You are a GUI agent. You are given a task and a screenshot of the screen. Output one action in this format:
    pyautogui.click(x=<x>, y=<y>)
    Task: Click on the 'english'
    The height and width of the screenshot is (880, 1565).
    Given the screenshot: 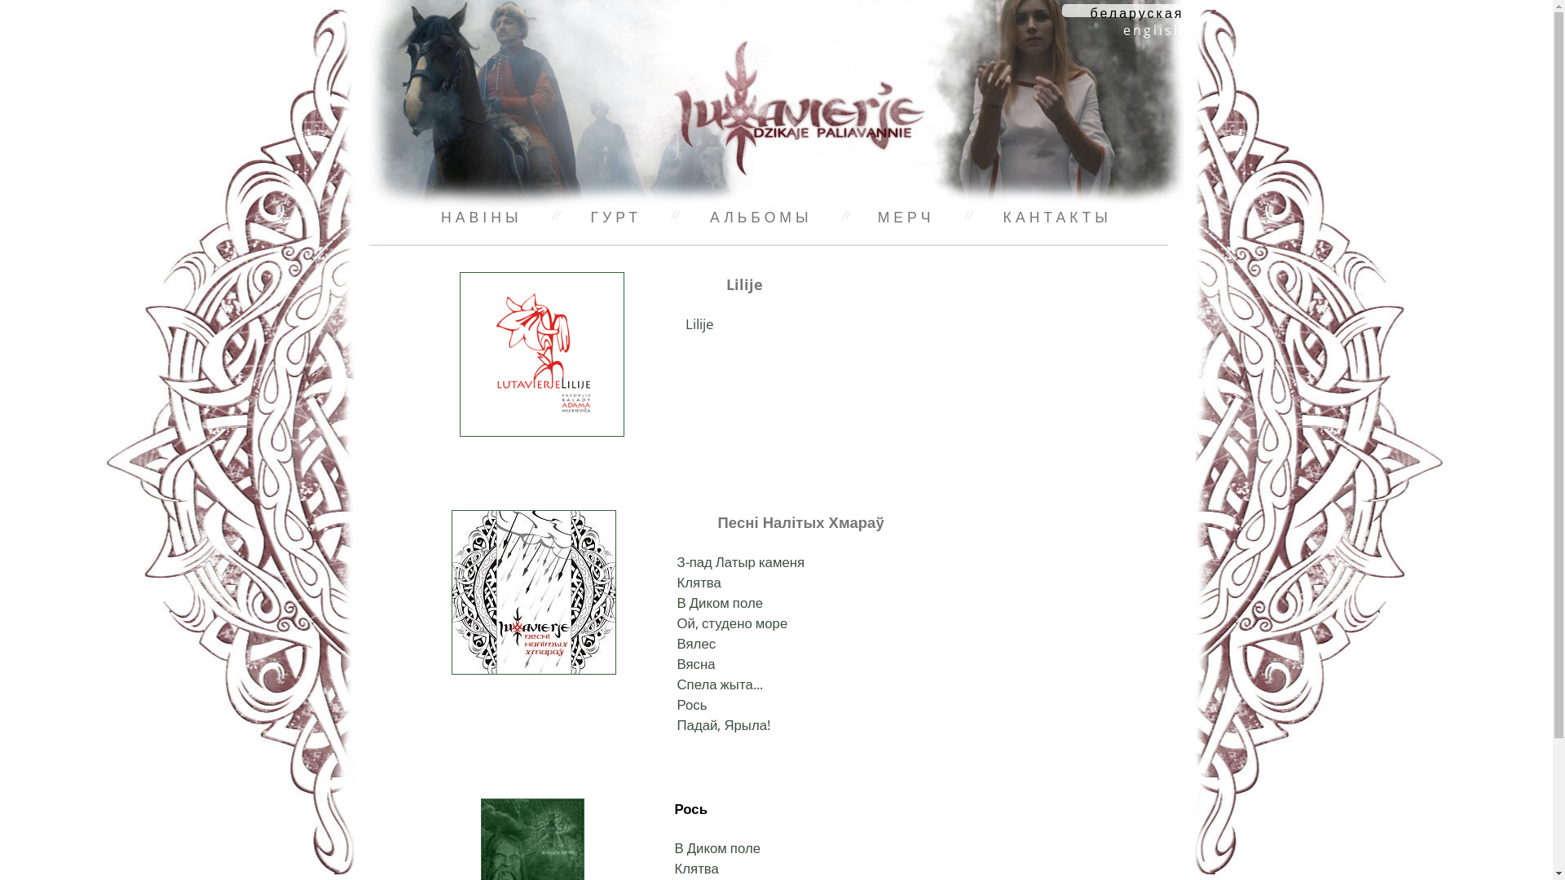 What is the action you would take?
    pyautogui.click(x=1153, y=30)
    